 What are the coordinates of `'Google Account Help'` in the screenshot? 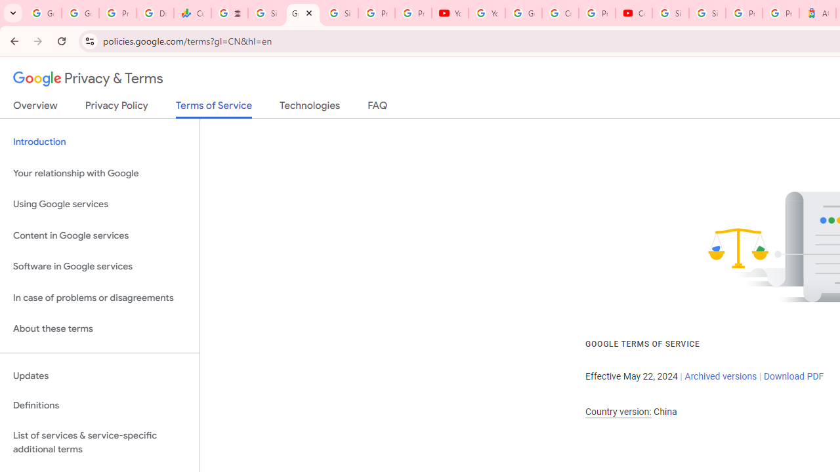 It's located at (523, 13).